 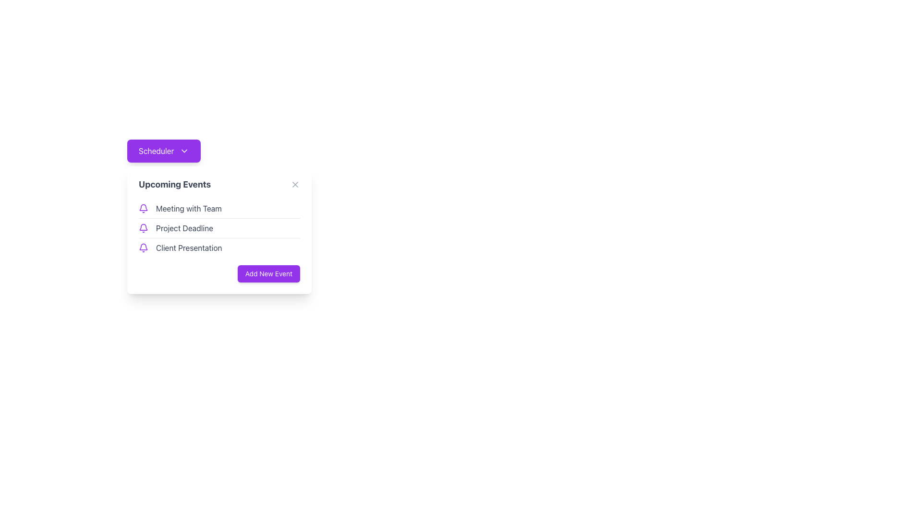 What do you see at coordinates (175, 185) in the screenshot?
I see `text from the Text Label that serves as a title or heading for the upcoming events section, located at the top of the white modal box` at bounding box center [175, 185].